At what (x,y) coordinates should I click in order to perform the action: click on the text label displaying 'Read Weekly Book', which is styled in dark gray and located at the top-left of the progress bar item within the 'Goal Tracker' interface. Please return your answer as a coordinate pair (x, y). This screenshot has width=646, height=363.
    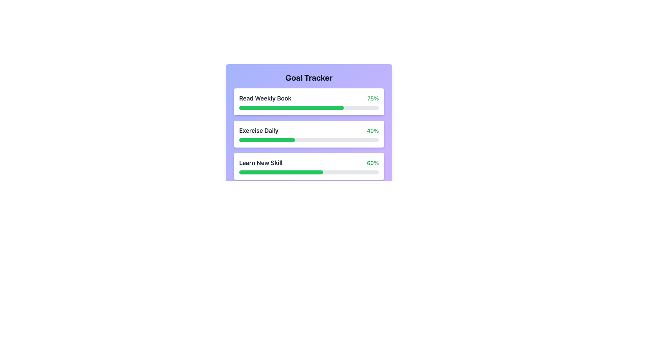
    Looking at the image, I should click on (265, 98).